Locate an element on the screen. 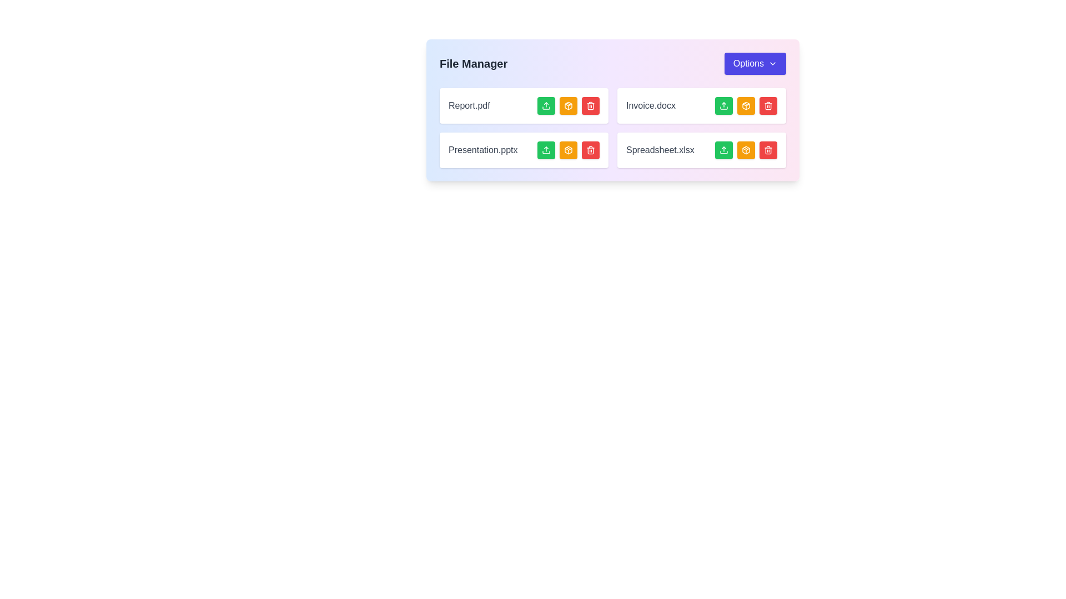 This screenshot has width=1066, height=599. the orange three-dimensional box icon located in the bottom row of the action icons for 'Spreadsheet.xlsx', positioned left of the trash can icon and right of the upward arrow icon is located at coordinates (746, 150).